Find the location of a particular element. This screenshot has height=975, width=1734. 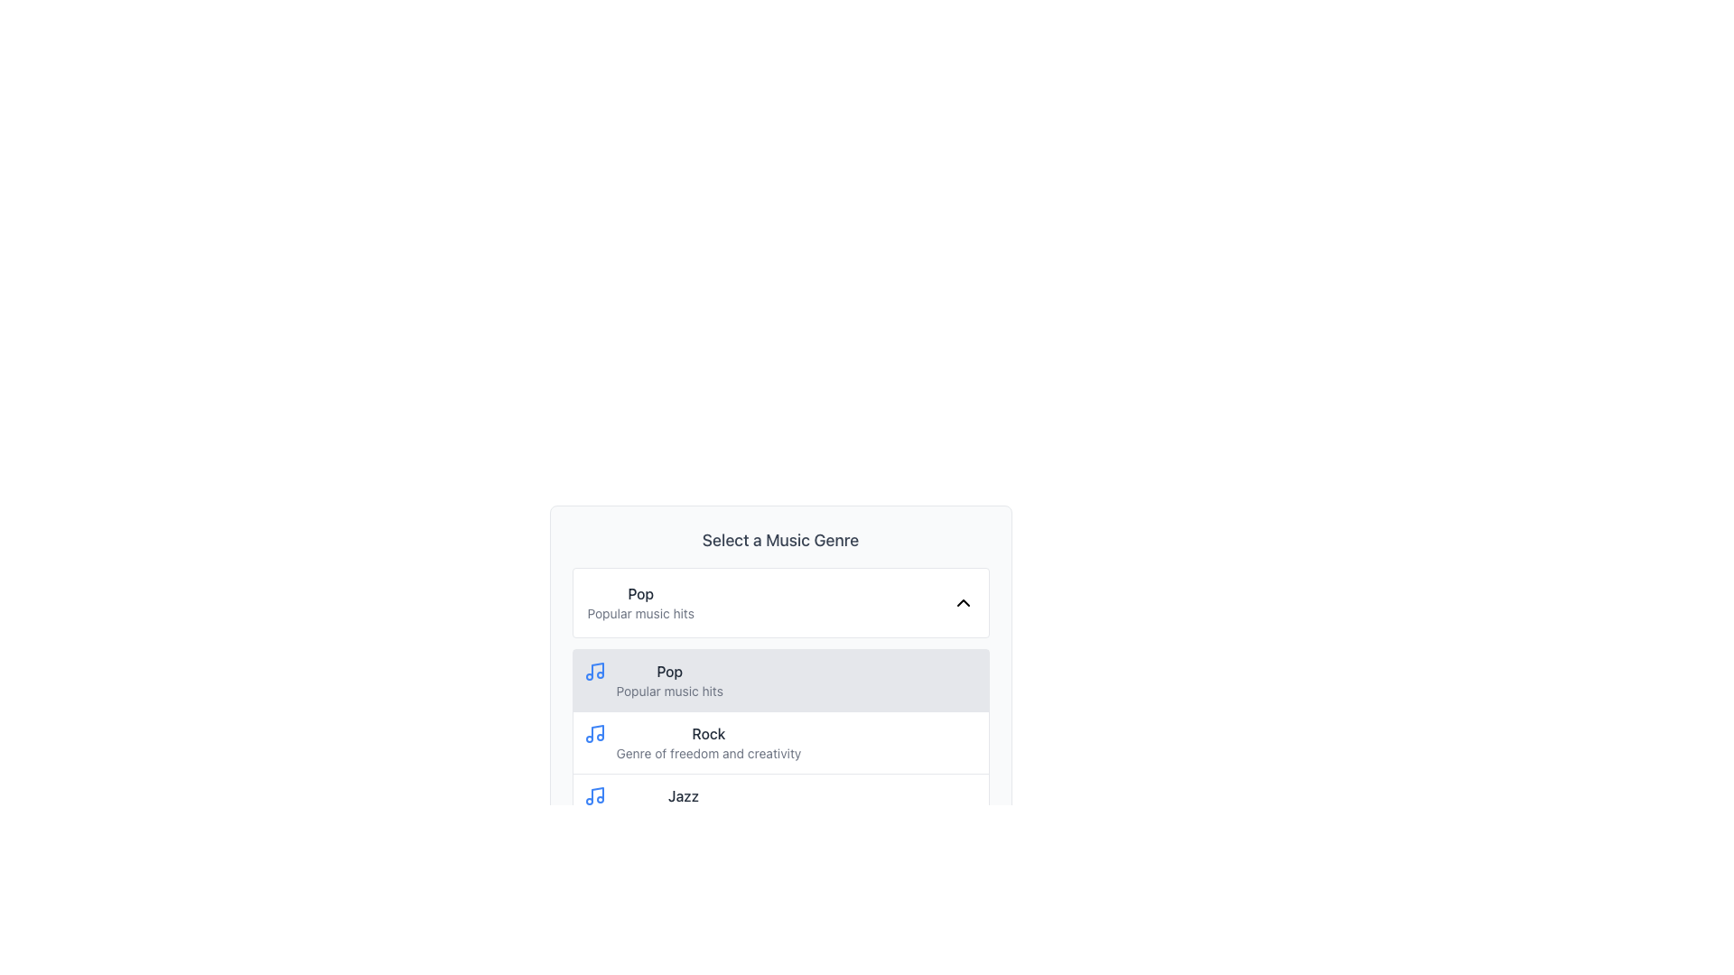

the List item displaying 'Rock' with the subtitle 'Genre of freedom and creativity' is located at coordinates (707, 742).